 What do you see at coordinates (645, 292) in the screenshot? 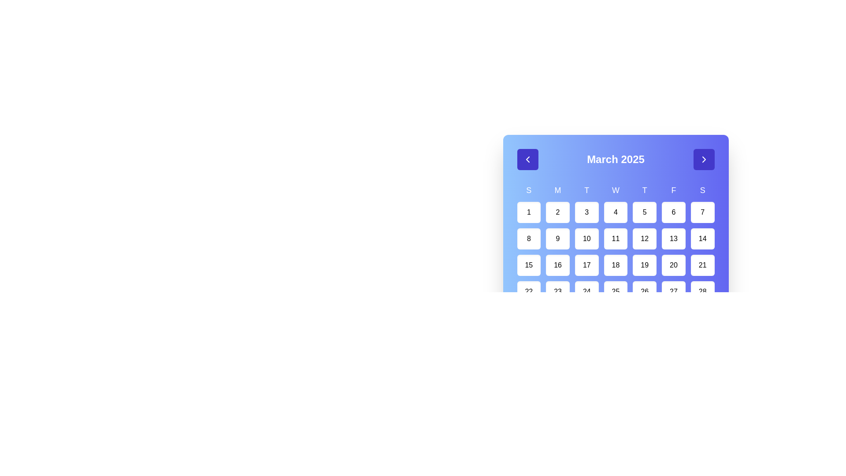
I see `the calendar date button displaying '26' within a white, rounded square box` at bounding box center [645, 292].